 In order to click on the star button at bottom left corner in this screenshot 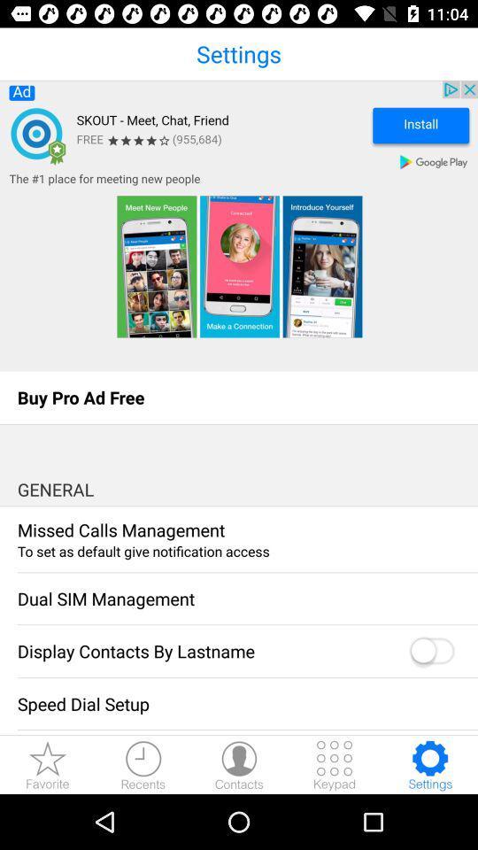, I will do `click(48, 764)`.